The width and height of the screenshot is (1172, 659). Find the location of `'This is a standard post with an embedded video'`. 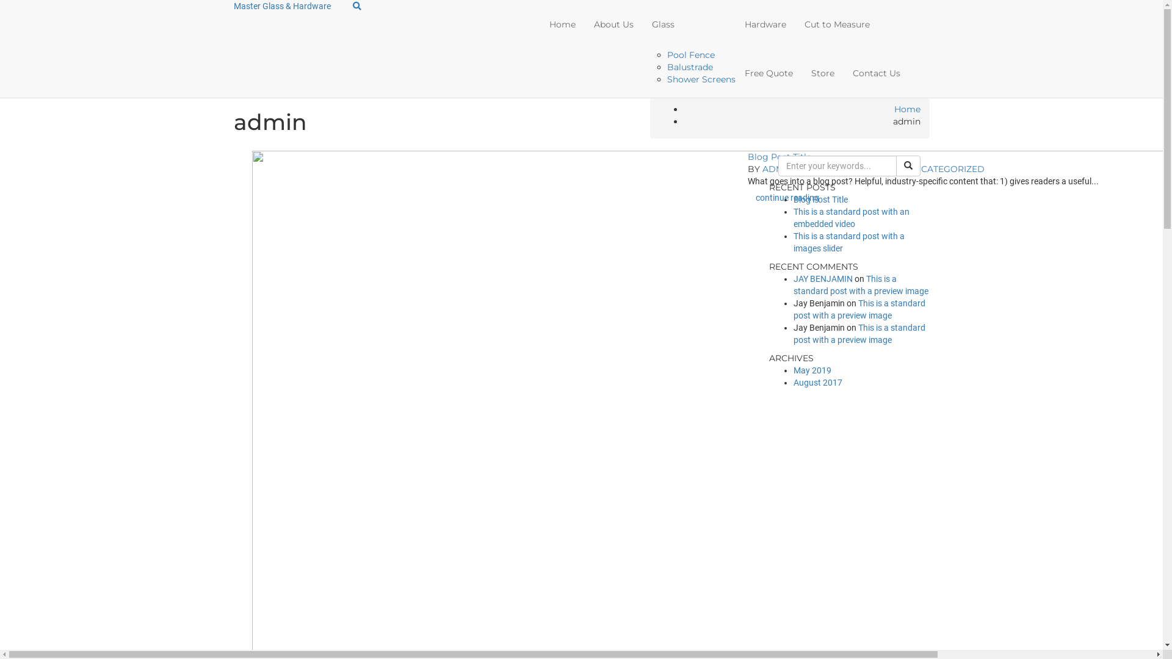

'This is a standard post with an embedded video' is located at coordinates (851, 217).